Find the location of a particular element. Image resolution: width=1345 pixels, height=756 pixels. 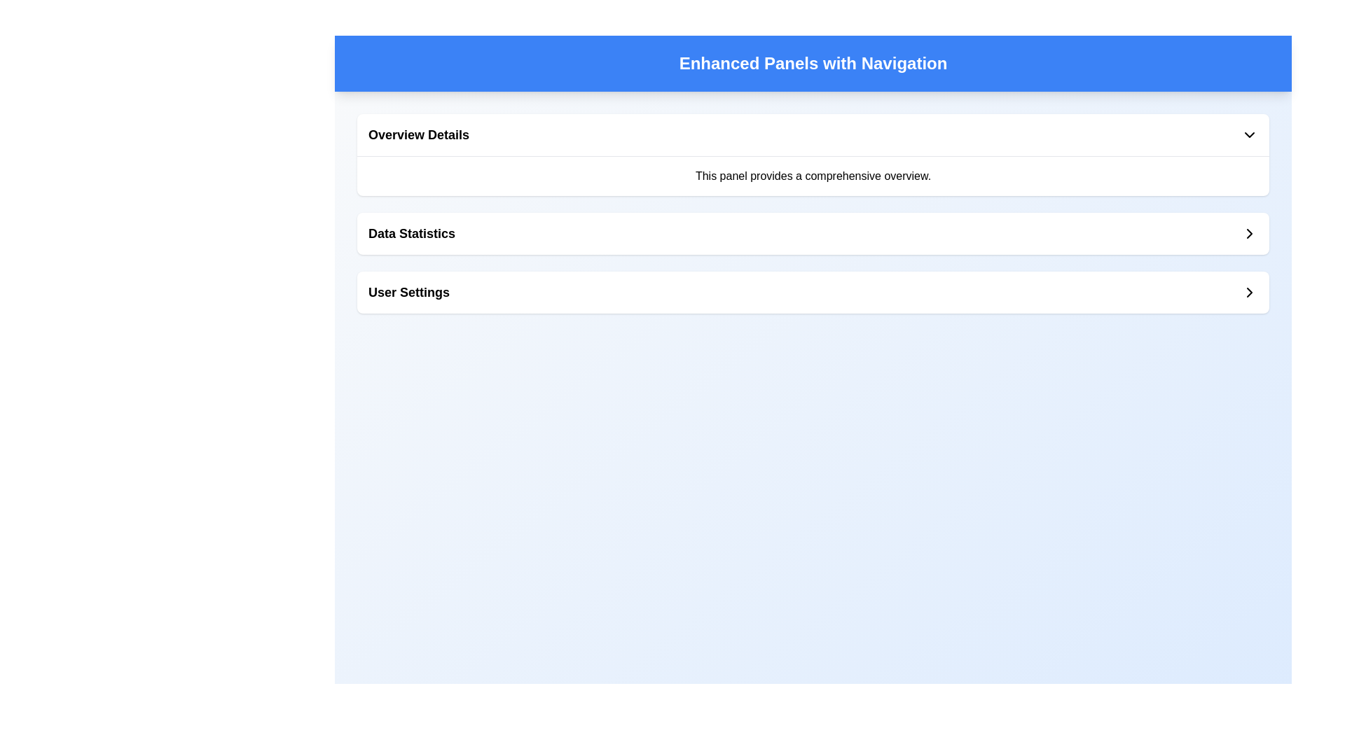

the third panel in the vertical stack is located at coordinates (813, 291).